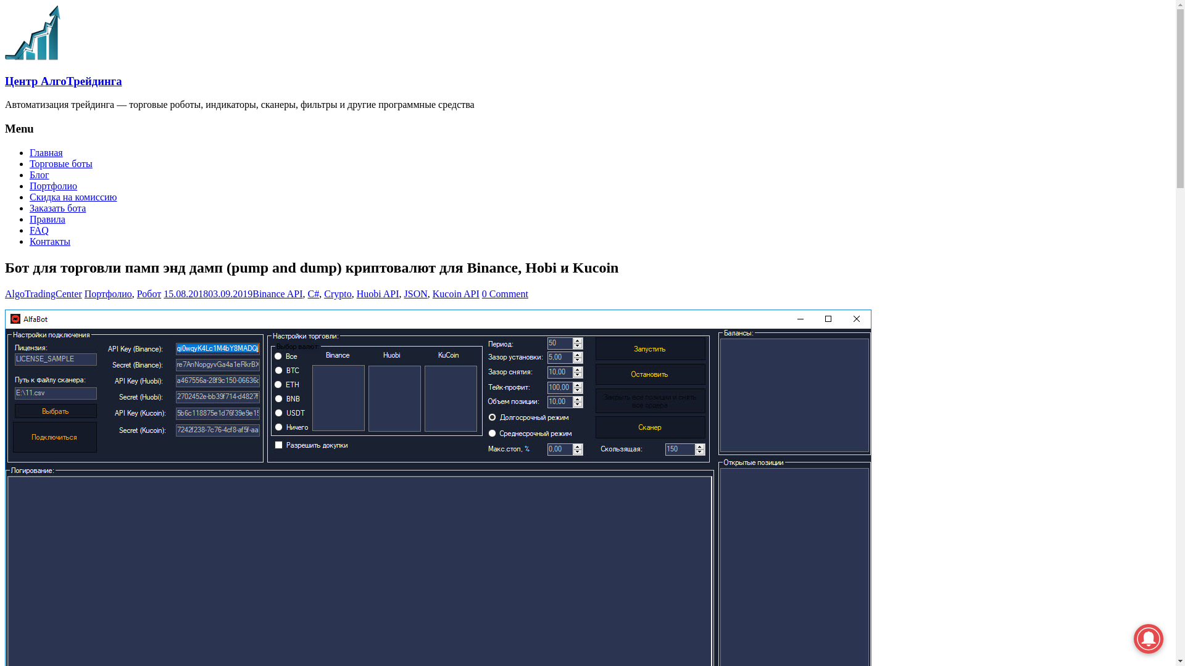  I want to click on 'Huobi API', so click(377, 294).